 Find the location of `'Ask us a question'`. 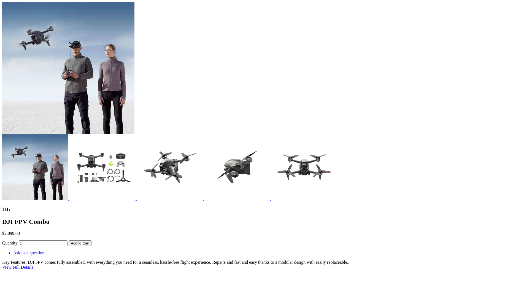

'Ask us a question' is located at coordinates (28, 253).